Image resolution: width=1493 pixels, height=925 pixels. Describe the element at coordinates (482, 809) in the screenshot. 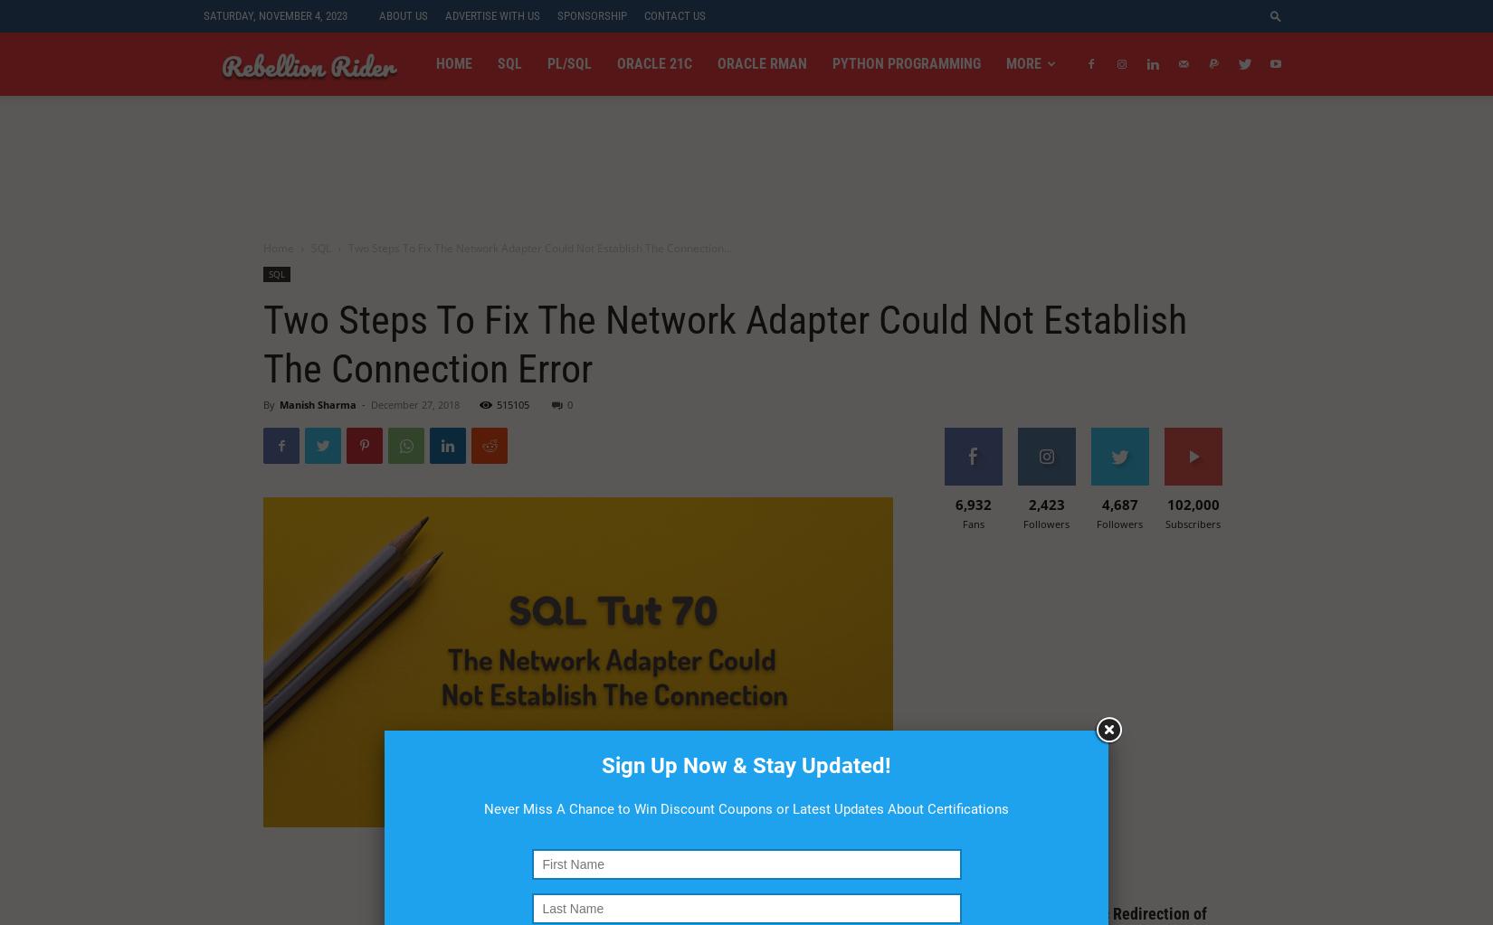

I see `'Never Miss A Chance to Win Discount Coupons or Latest Updates About Certifications'` at that location.